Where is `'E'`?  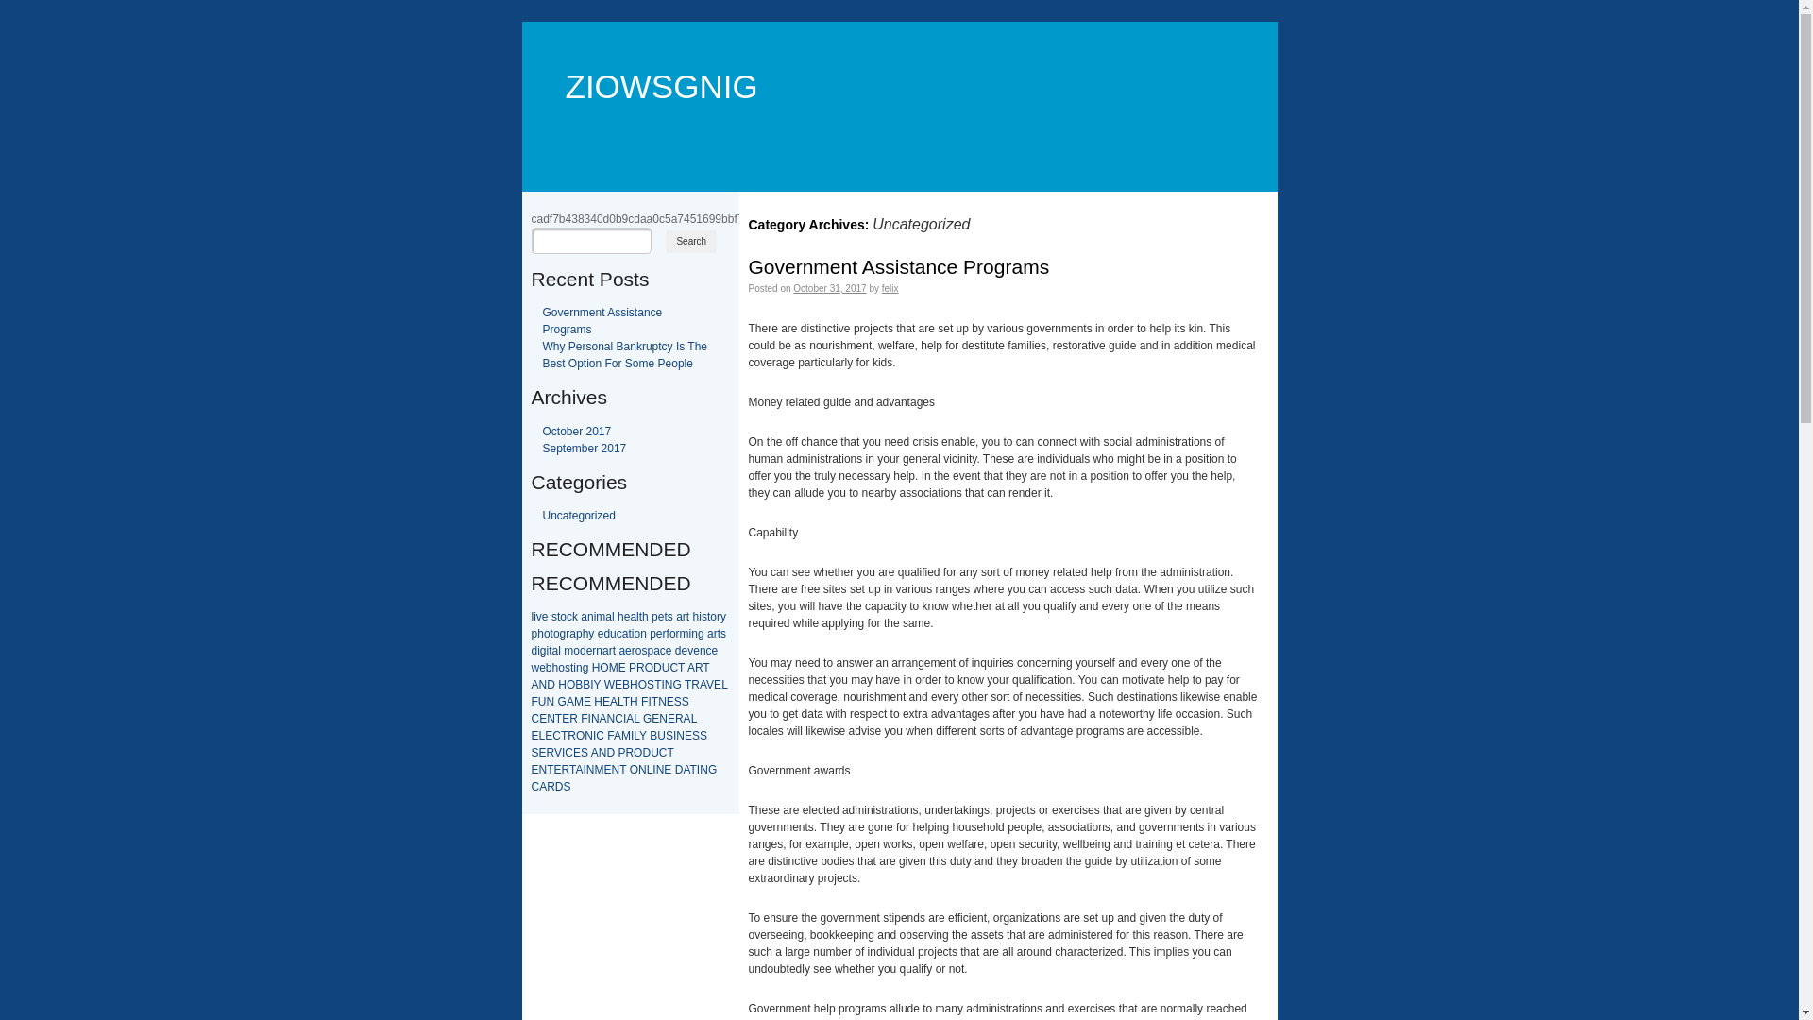
'E' is located at coordinates (565, 718).